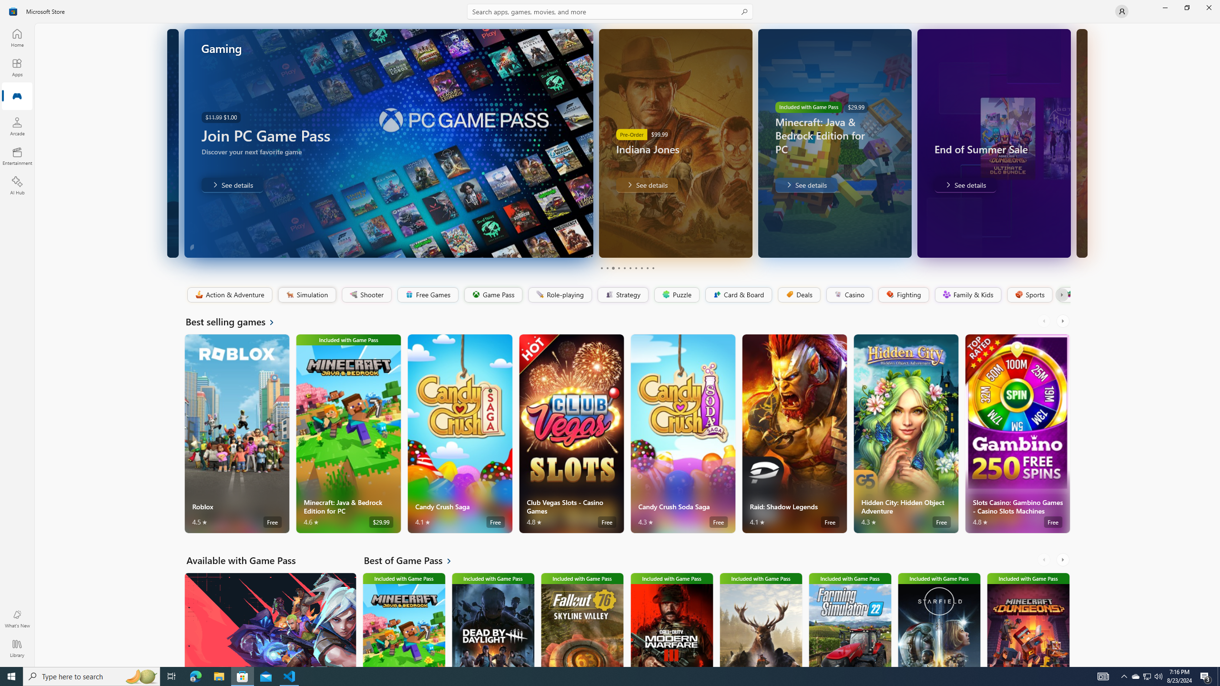 This screenshot has width=1220, height=686. I want to click on 'Page 3', so click(612, 268).